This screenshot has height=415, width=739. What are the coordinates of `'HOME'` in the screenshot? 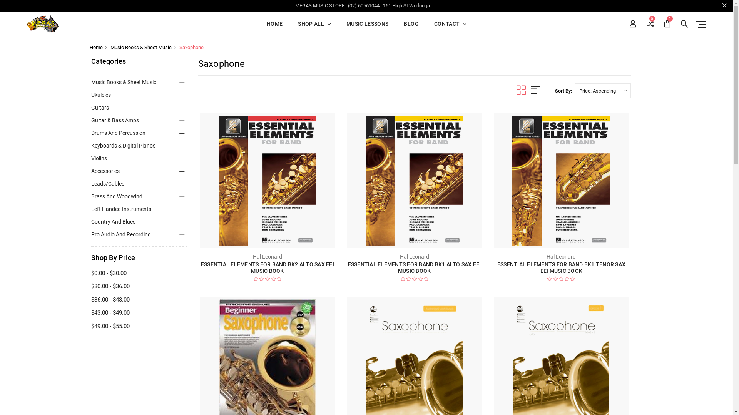 It's located at (274, 28).